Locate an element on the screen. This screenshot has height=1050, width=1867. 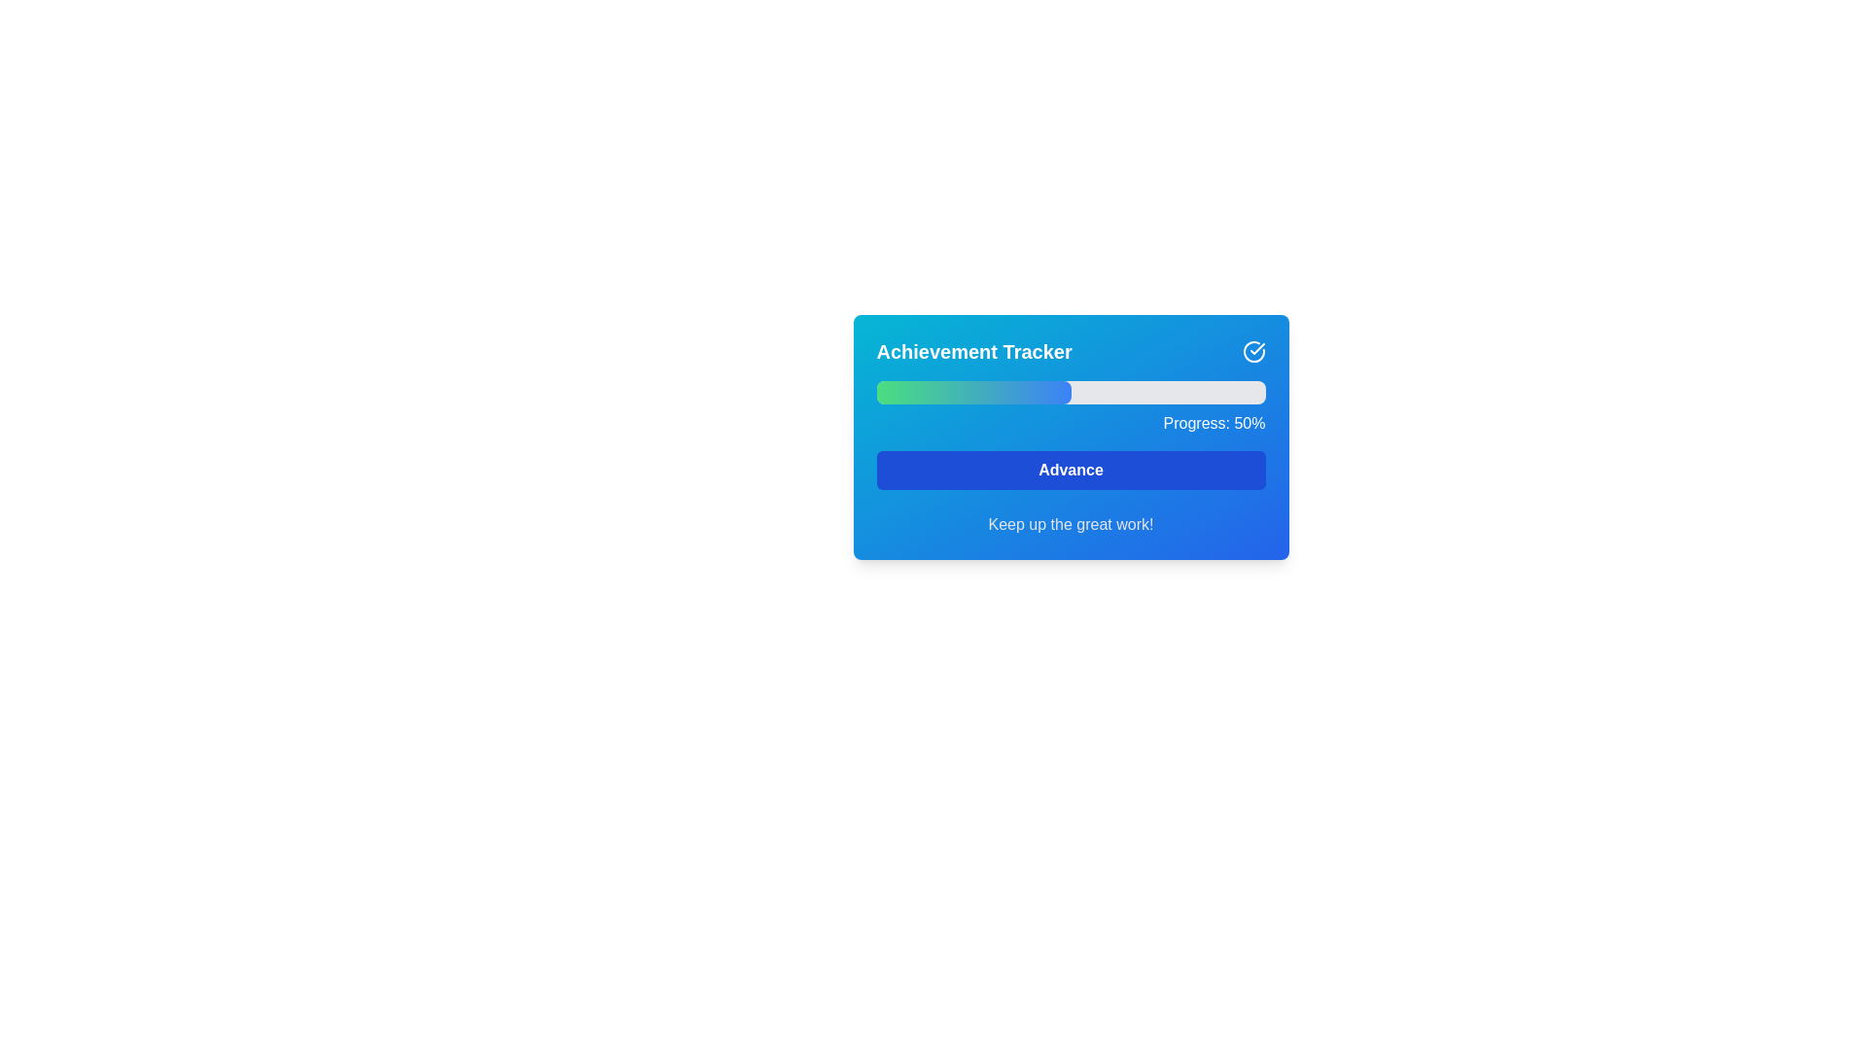
the horizontal gradient-filled progress indicator bar that transitions from green to blue, located below the 'Achievement Tracker' title and above the 'Advance' button is located at coordinates (973, 393).